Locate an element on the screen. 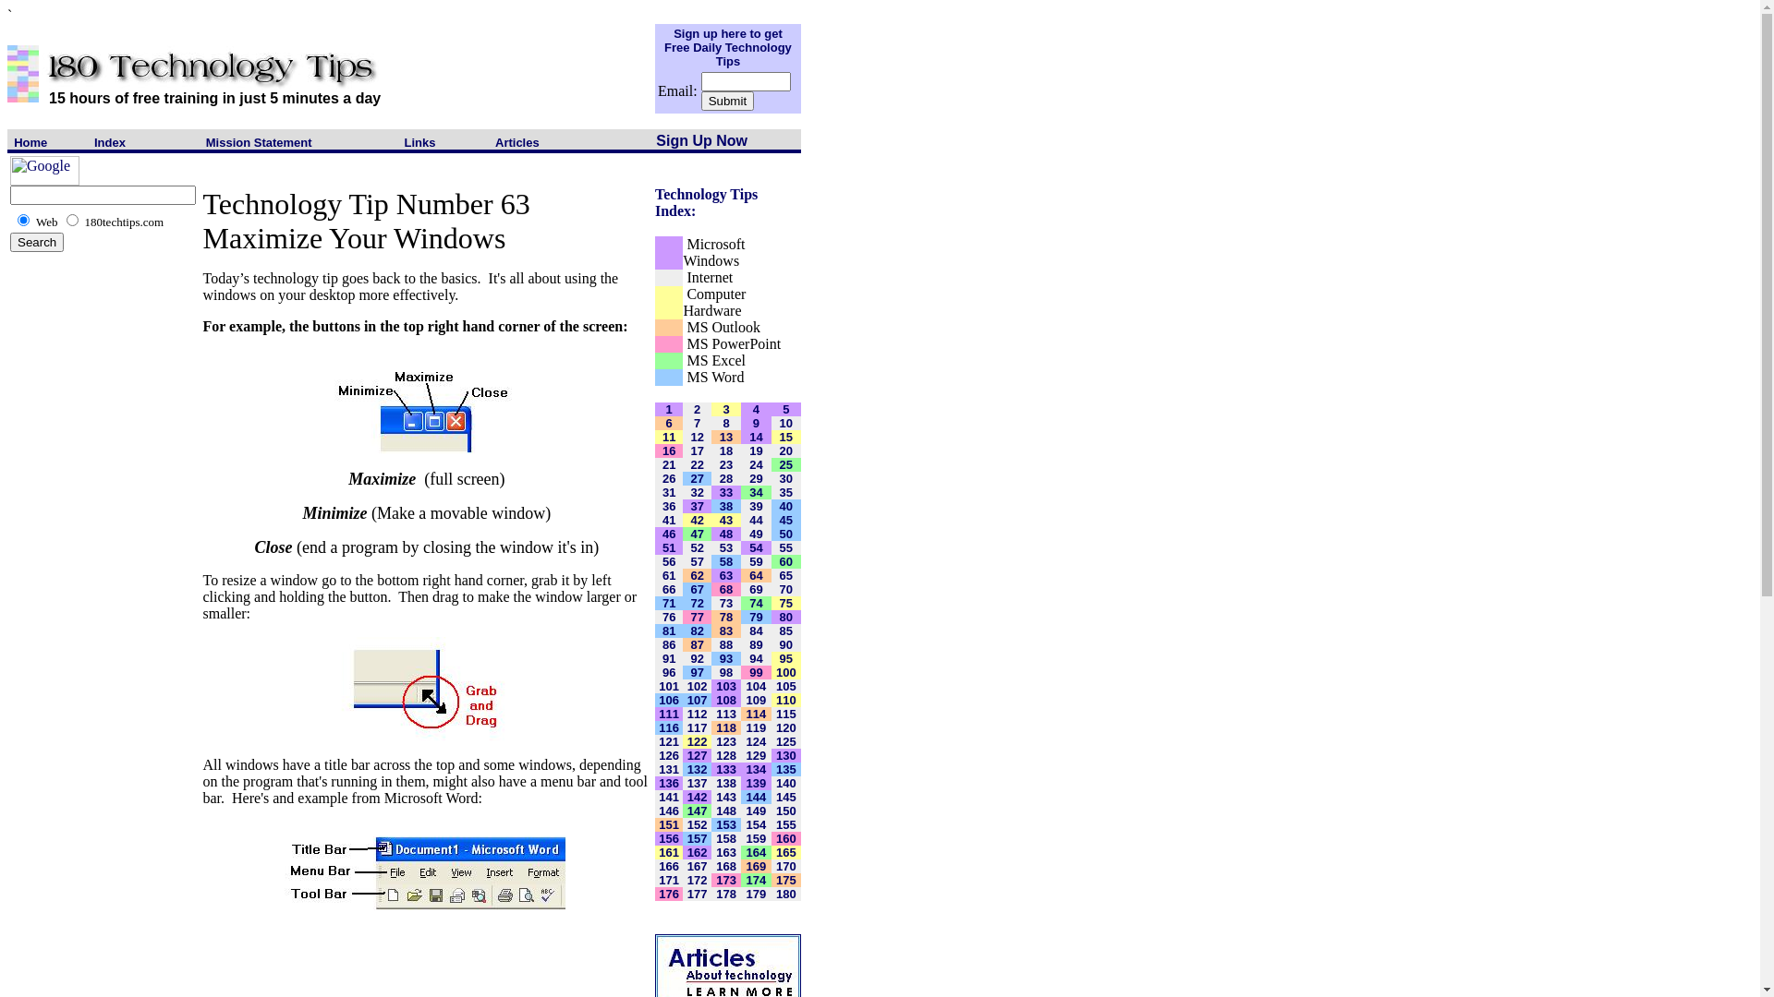 The height and width of the screenshot is (997, 1774). 'Submit' is located at coordinates (726, 101).